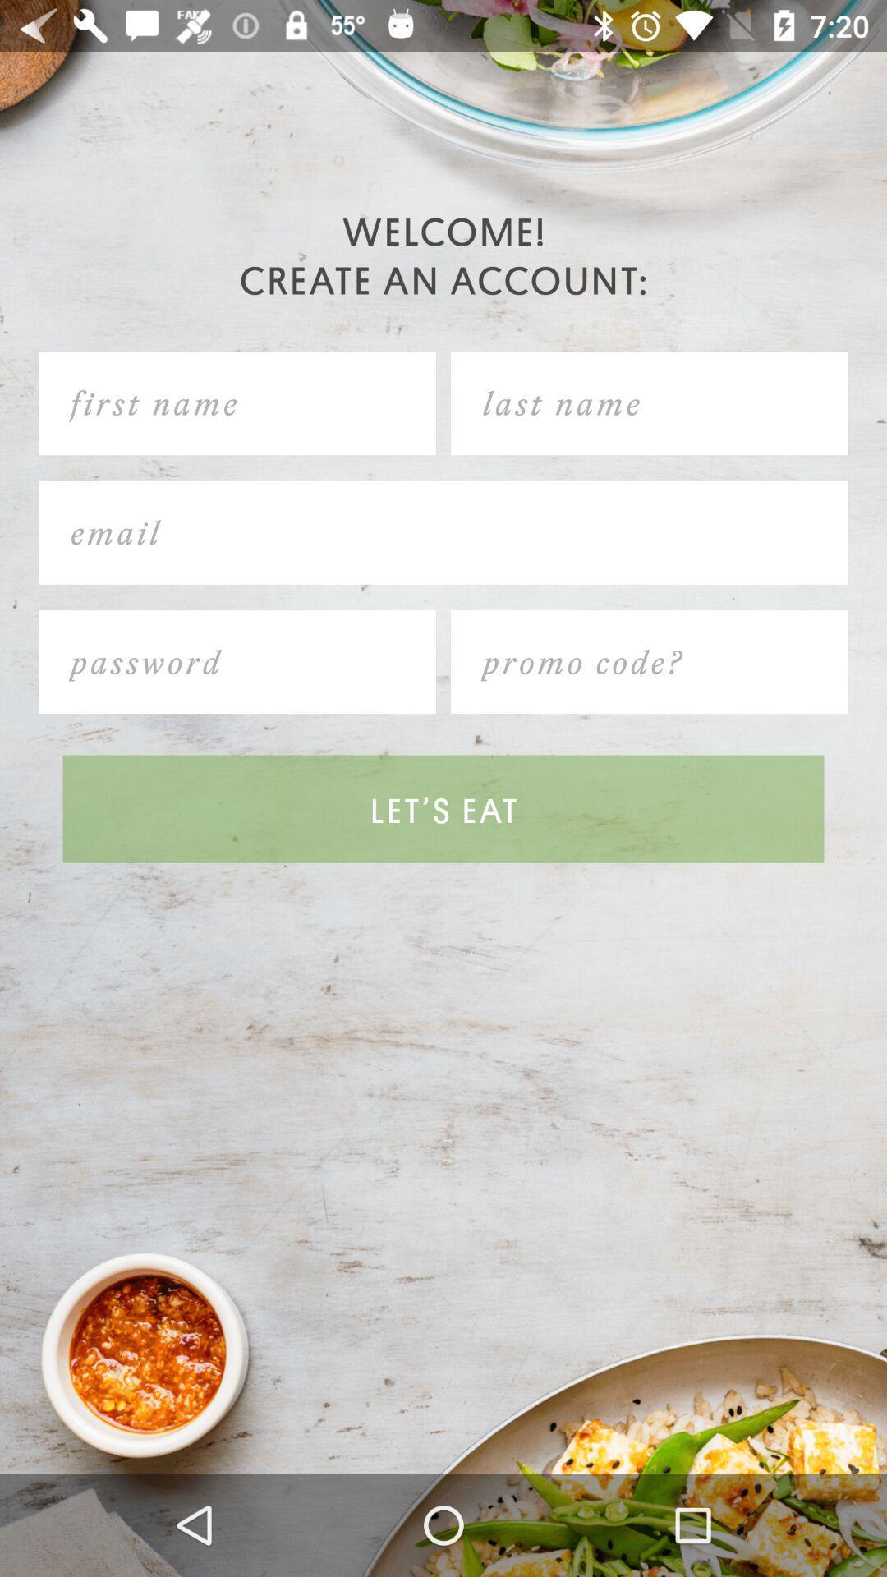 This screenshot has height=1577, width=887. Describe the element at coordinates (237, 662) in the screenshot. I see `your password` at that location.